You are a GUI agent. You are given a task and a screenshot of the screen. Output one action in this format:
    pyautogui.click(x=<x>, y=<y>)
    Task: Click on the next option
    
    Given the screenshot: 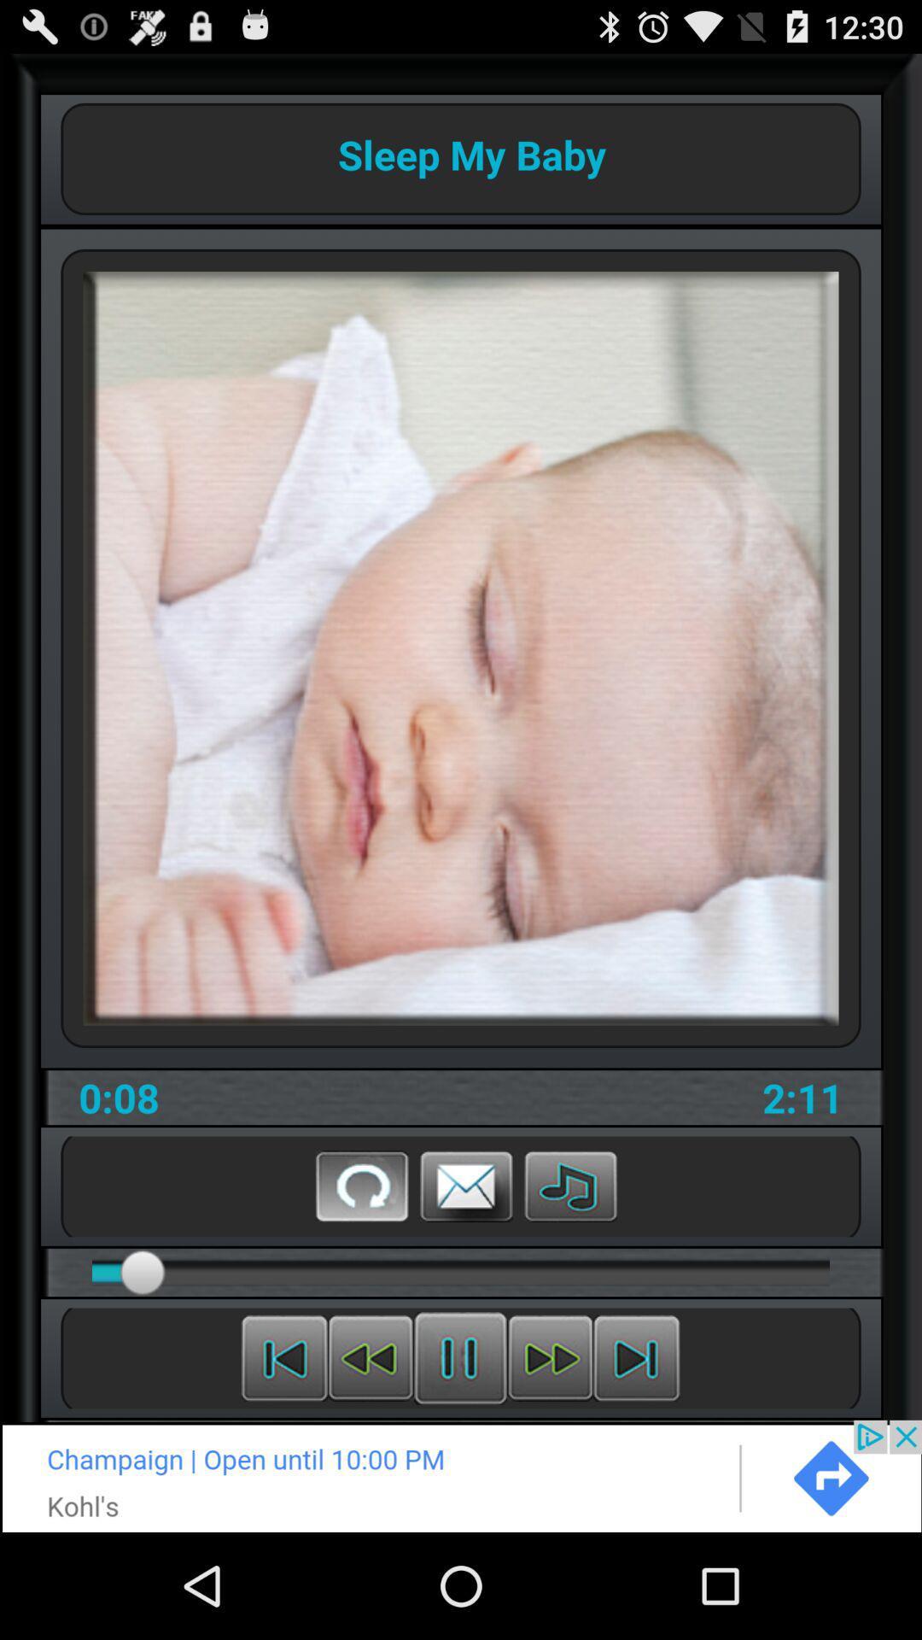 What is the action you would take?
    pyautogui.click(x=461, y=1475)
    